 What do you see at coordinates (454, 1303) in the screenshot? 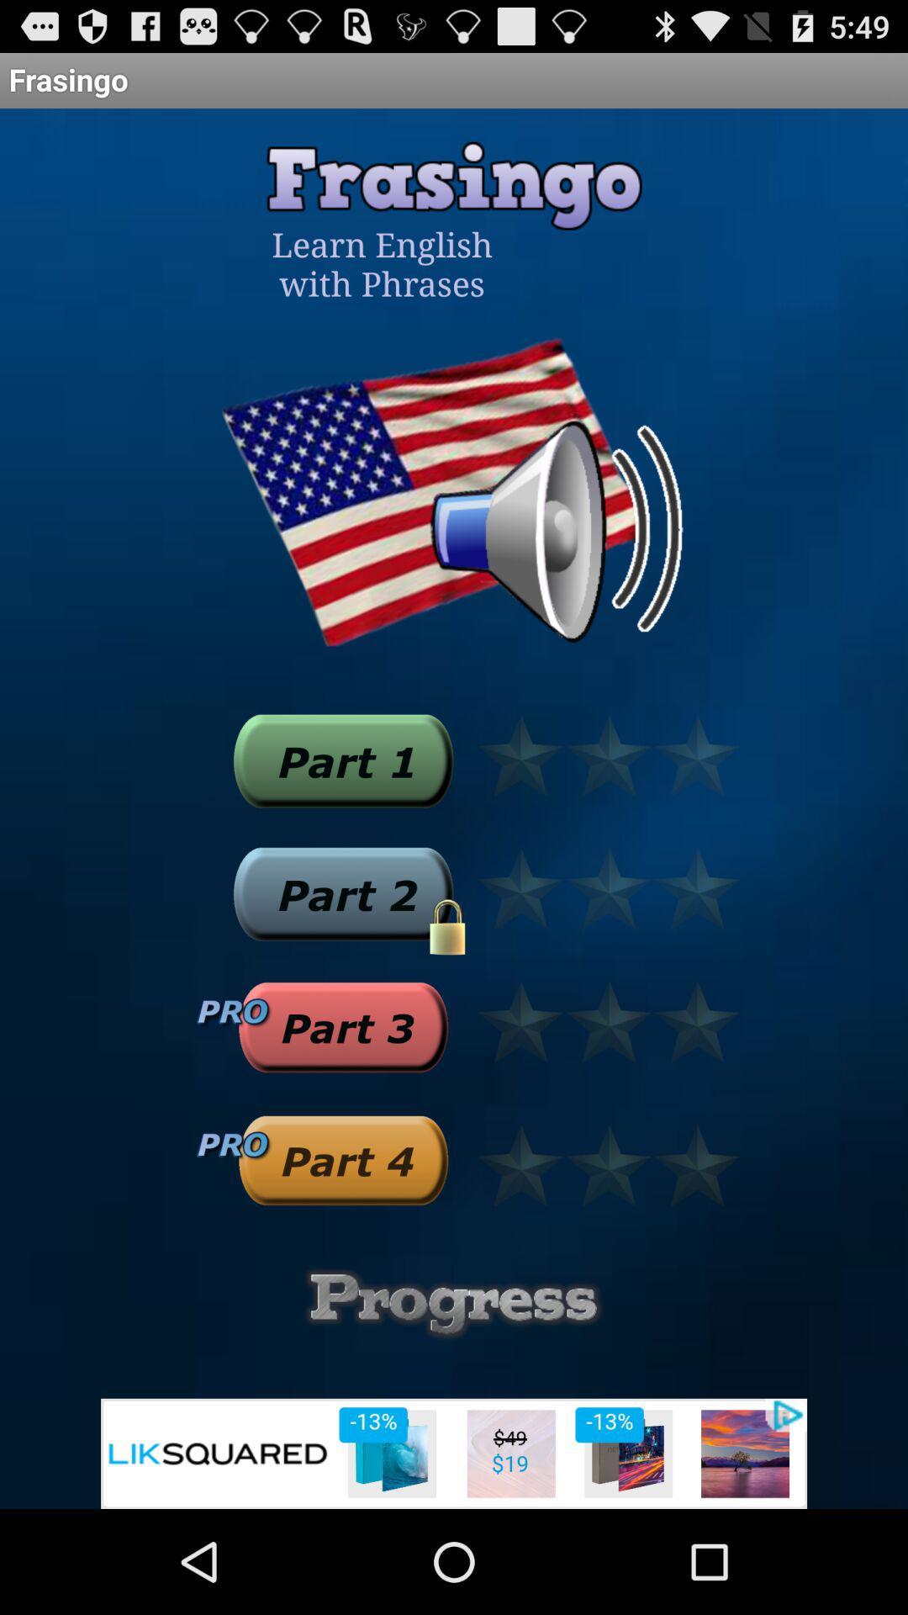
I see `progress indicator` at bounding box center [454, 1303].